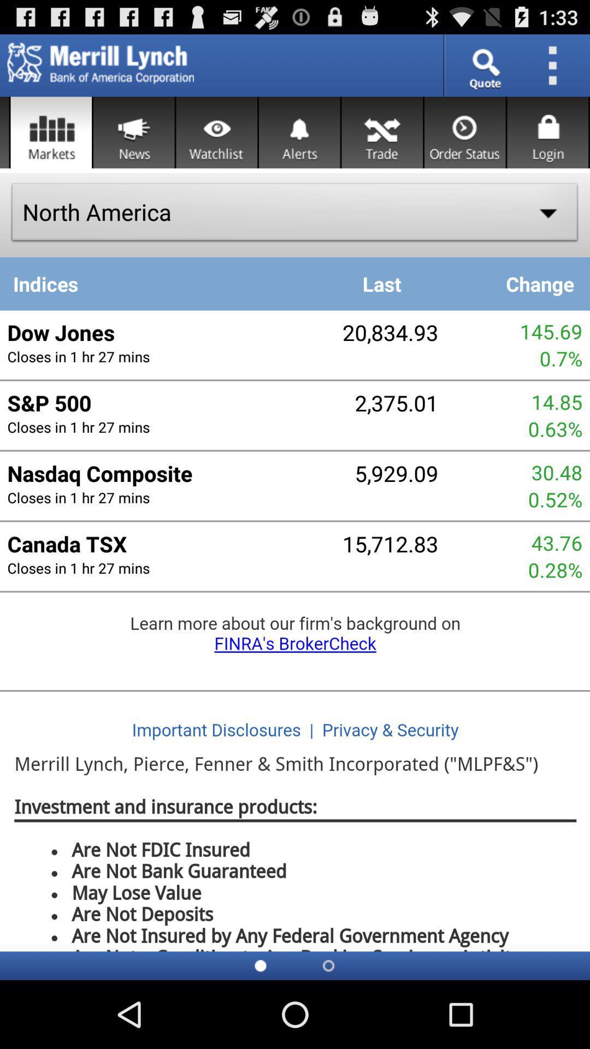 The width and height of the screenshot is (590, 1049). I want to click on search bar, so click(483, 65).